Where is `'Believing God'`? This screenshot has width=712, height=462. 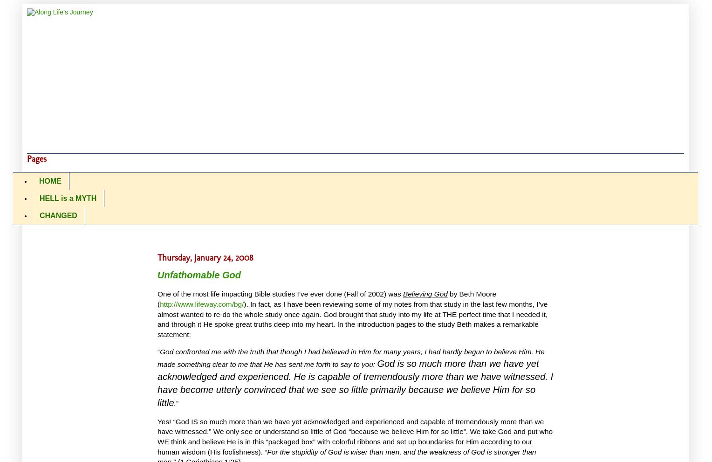 'Believing God' is located at coordinates (425, 294).